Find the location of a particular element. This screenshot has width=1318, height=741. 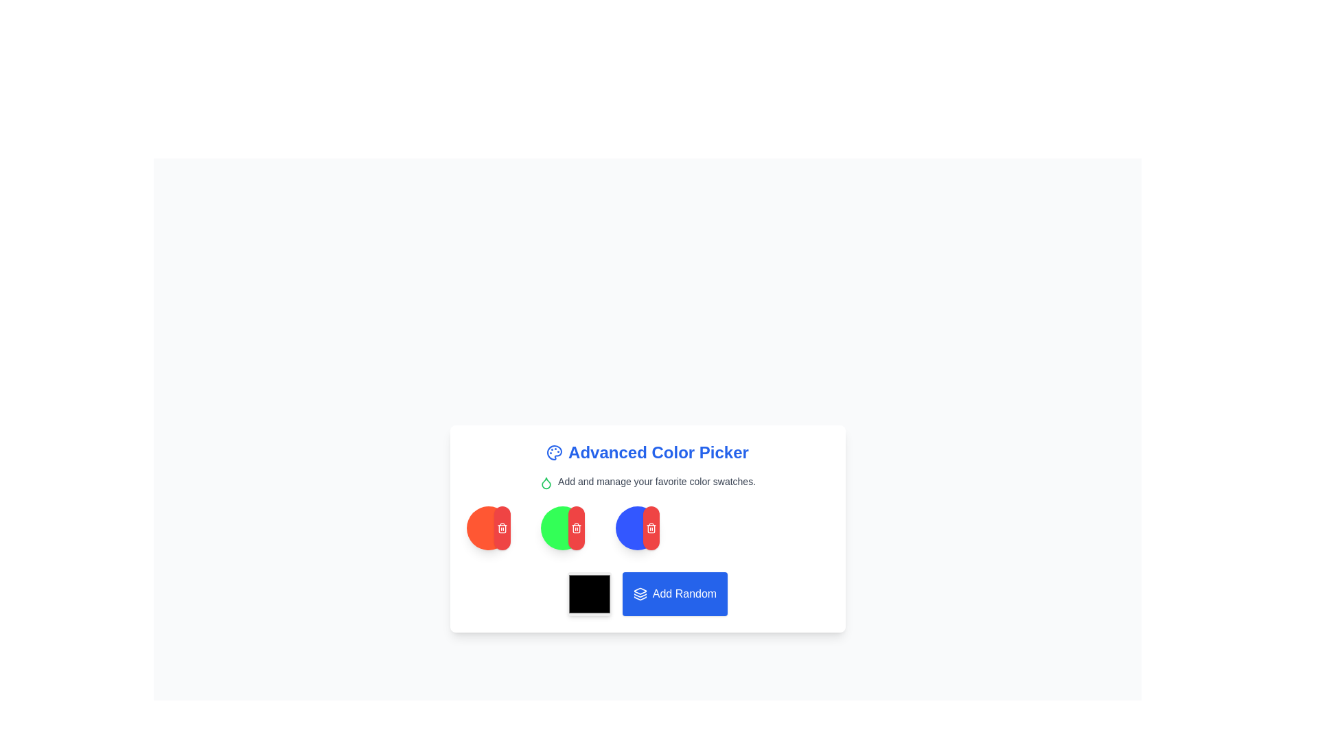

the trash can icon located inside the second red circular button aligned to the right of the color swatches is located at coordinates (651, 527).